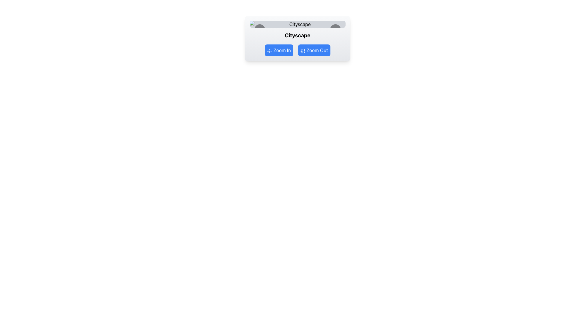 The height and width of the screenshot is (320, 570). What do you see at coordinates (259, 30) in the screenshot?
I see `the leftward arrow navigation icon embedded within a circular button located at the top-left side of the floating interface panel` at bounding box center [259, 30].